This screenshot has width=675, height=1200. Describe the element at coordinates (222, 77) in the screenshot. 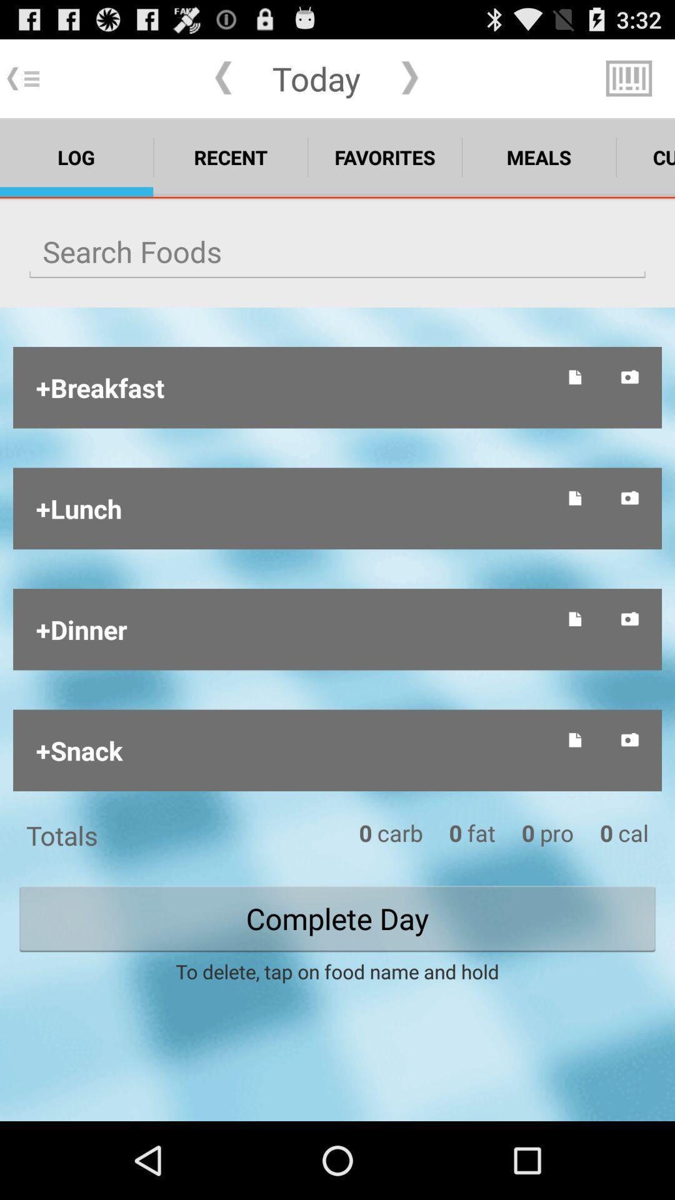

I see `the back arrow which is left to today` at that location.